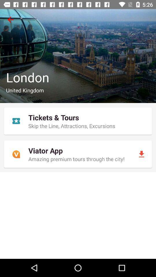 Image resolution: width=156 pixels, height=277 pixels. Describe the element at coordinates (10, 20) in the screenshot. I see `icon at the top left corner` at that location.